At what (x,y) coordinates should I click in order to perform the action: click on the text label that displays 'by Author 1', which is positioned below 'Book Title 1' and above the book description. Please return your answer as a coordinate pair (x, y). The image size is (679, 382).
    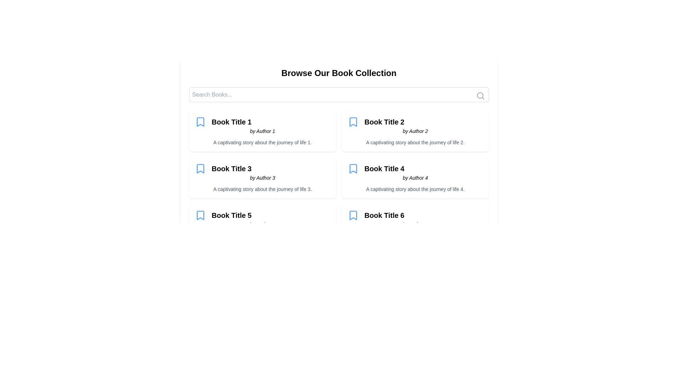
    Looking at the image, I should click on (262, 131).